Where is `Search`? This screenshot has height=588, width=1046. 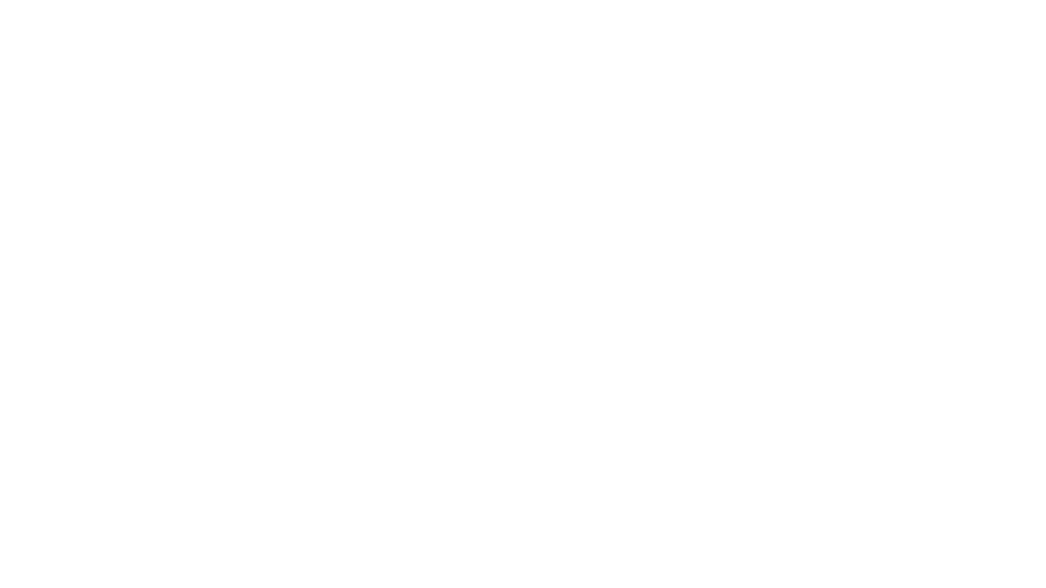
Search is located at coordinates (929, 12).